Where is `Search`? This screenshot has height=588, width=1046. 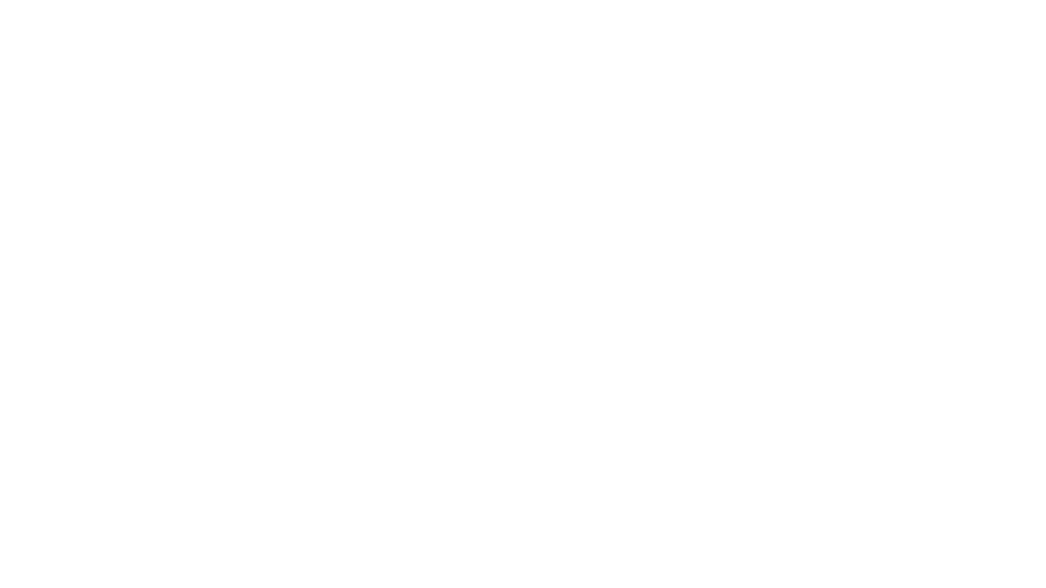
Search is located at coordinates (929, 12).